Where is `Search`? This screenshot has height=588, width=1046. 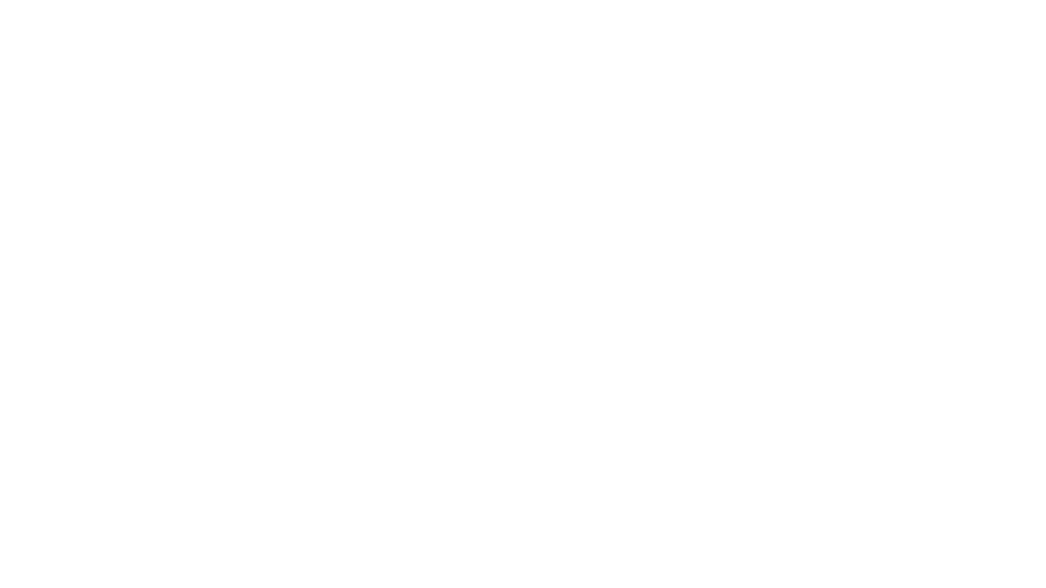
Search is located at coordinates (929, 12).